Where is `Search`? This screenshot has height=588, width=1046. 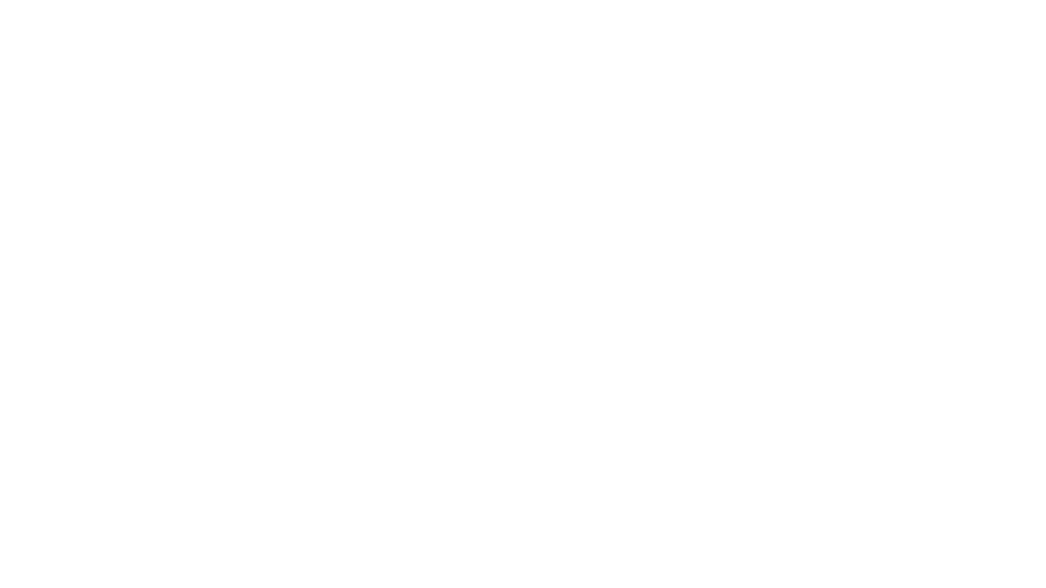
Search is located at coordinates (929, 12).